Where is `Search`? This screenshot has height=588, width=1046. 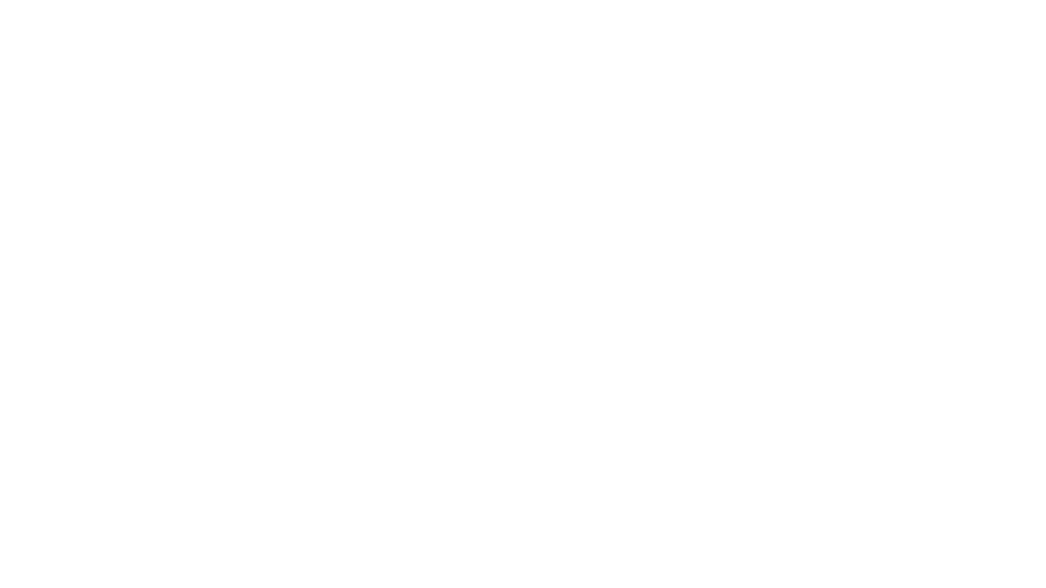
Search is located at coordinates (929, 12).